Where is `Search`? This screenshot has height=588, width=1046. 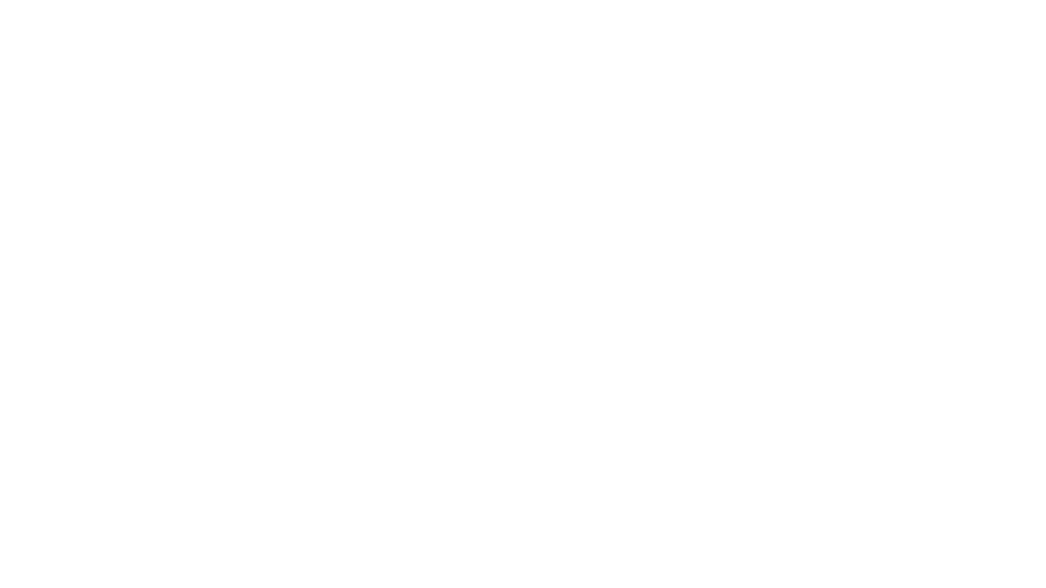
Search is located at coordinates (929, 12).